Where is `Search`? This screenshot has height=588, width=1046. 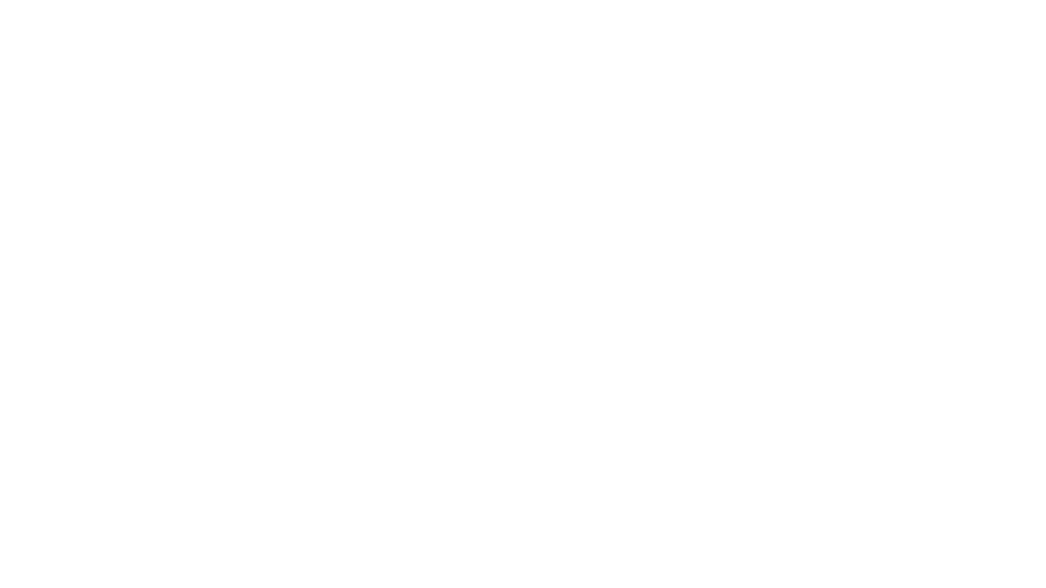
Search is located at coordinates (929, 12).